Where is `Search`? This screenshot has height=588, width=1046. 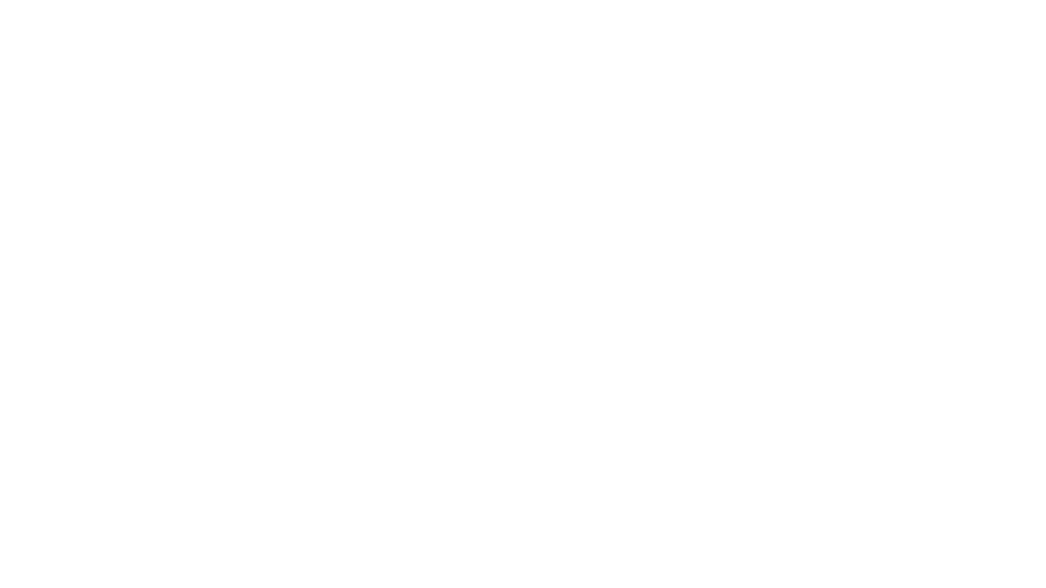
Search is located at coordinates (929, 12).